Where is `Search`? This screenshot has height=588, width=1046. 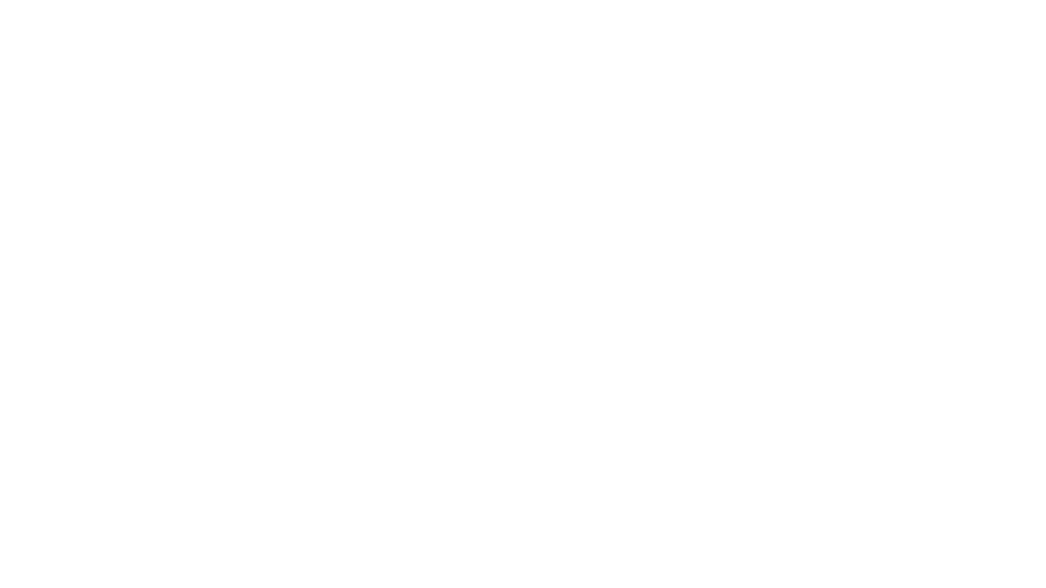
Search is located at coordinates (929, 12).